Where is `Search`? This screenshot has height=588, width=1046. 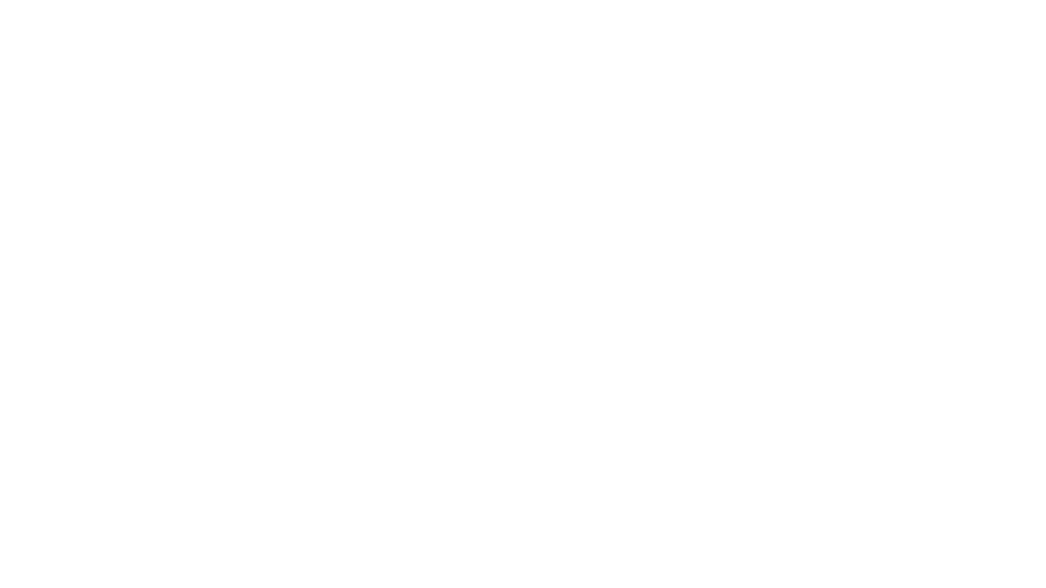
Search is located at coordinates (929, 12).